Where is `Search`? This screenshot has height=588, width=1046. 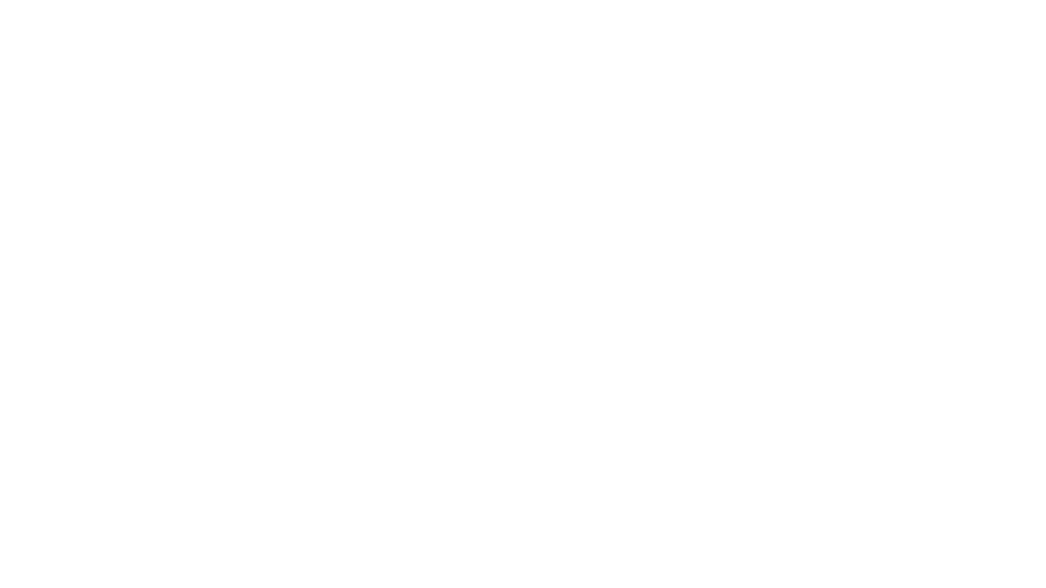
Search is located at coordinates (929, 12).